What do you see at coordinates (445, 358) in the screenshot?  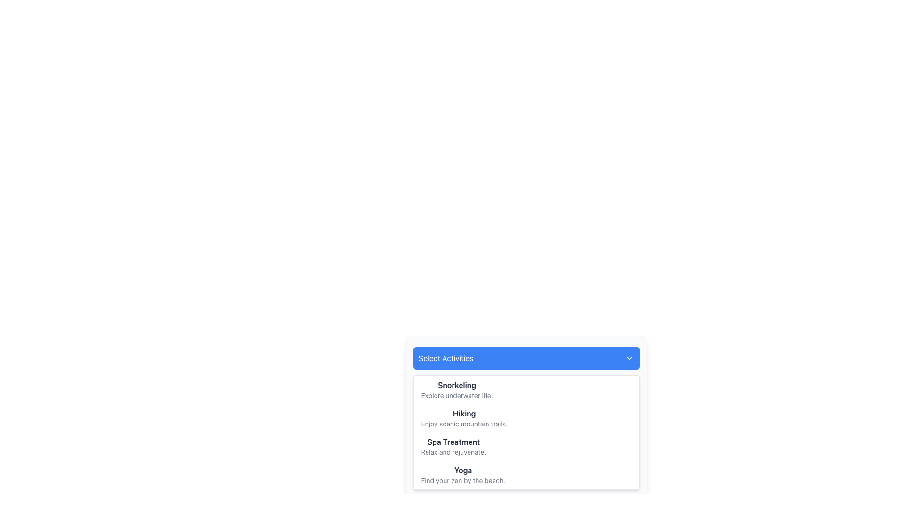 I see `the 'Select Activities' text label displayed in white on a blue background, located at the leftmost position within the blue bar at the top of a dropdown section` at bounding box center [445, 358].